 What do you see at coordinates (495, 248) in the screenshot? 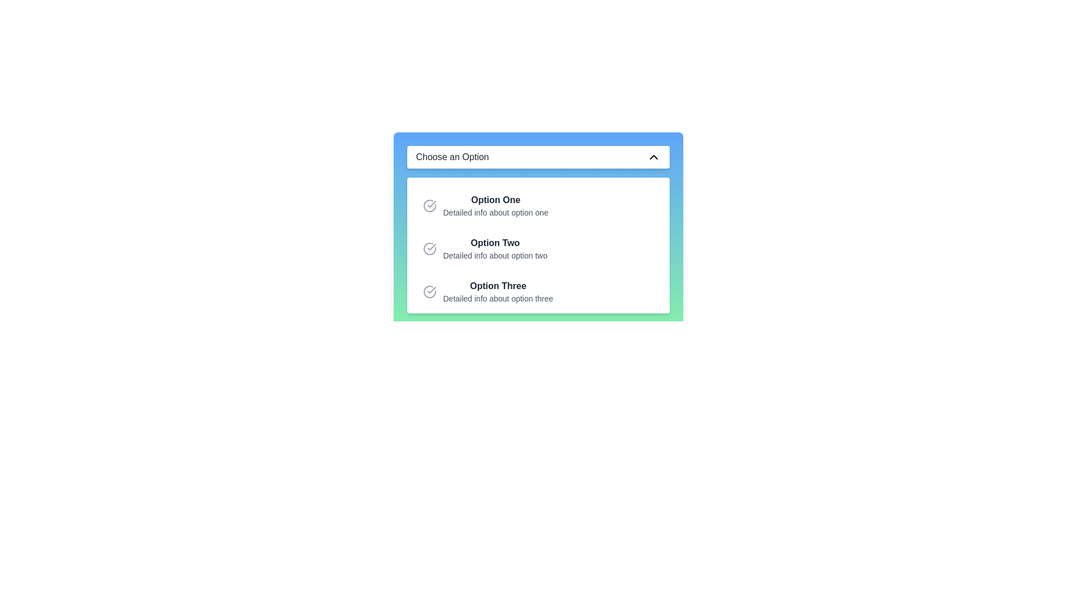
I see `the 'Option Two' button` at bounding box center [495, 248].